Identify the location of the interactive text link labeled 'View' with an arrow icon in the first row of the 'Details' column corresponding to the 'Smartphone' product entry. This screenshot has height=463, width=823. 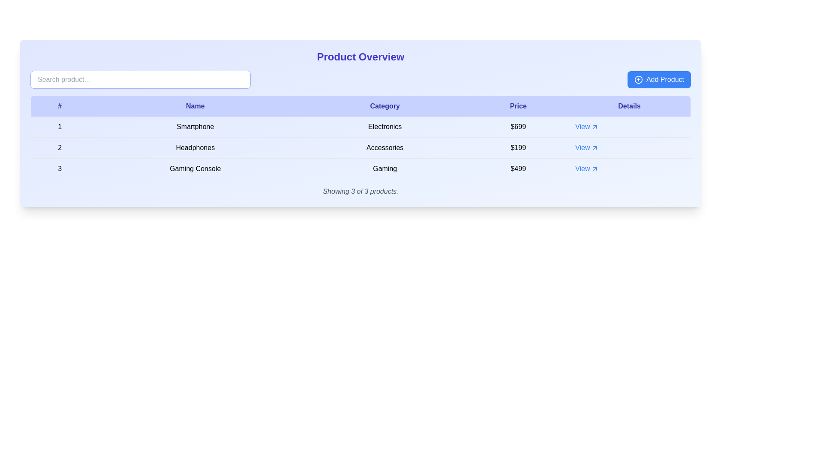
(586, 127).